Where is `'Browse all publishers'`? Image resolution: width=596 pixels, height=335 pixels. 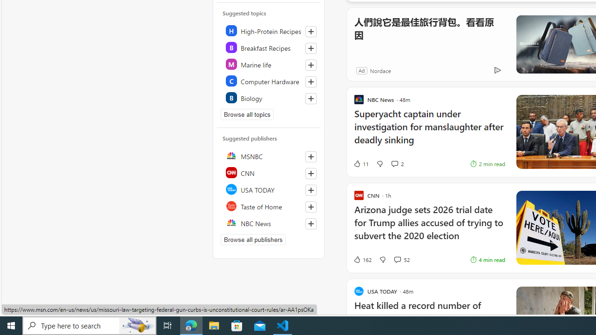 'Browse all publishers' is located at coordinates (253, 239).